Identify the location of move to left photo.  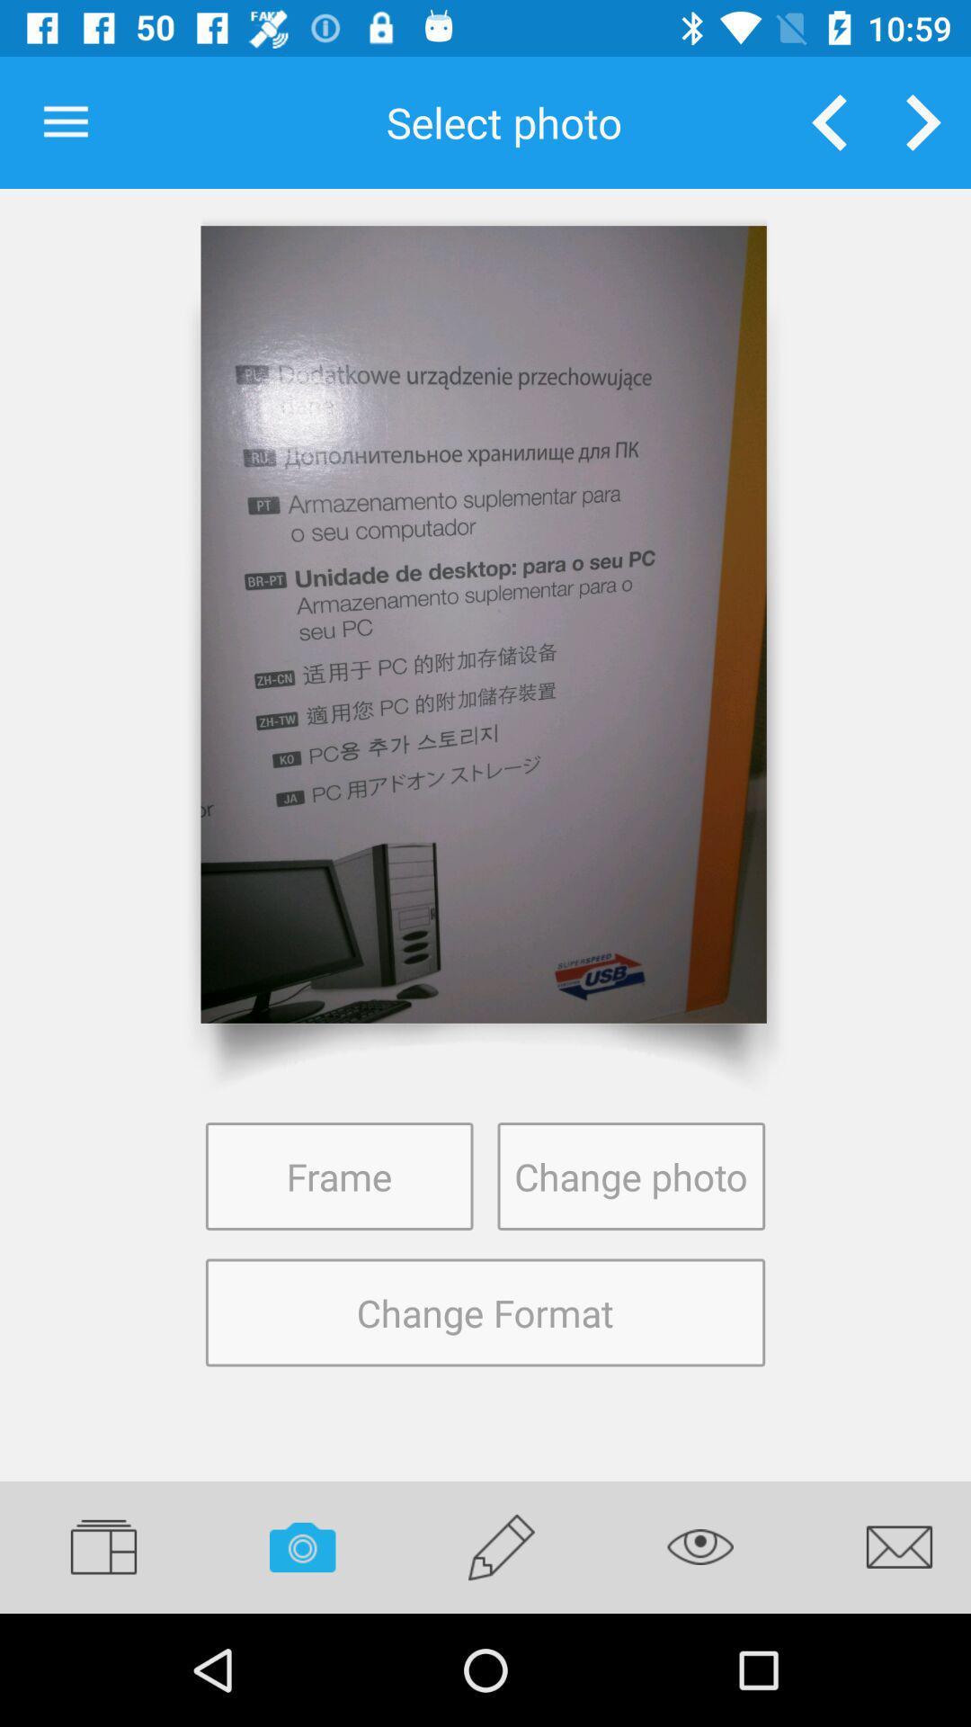
(829, 121).